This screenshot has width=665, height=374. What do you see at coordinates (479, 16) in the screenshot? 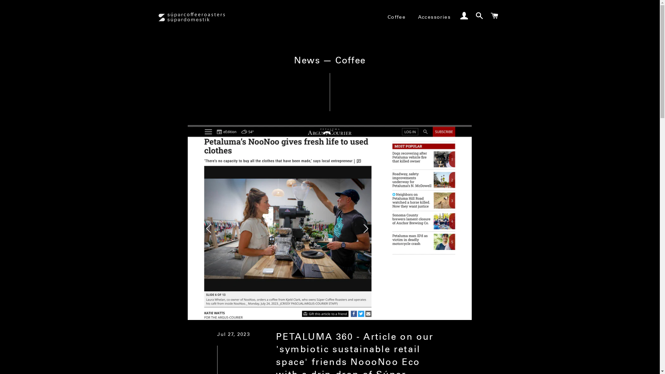
I see `'Search'` at bounding box center [479, 16].